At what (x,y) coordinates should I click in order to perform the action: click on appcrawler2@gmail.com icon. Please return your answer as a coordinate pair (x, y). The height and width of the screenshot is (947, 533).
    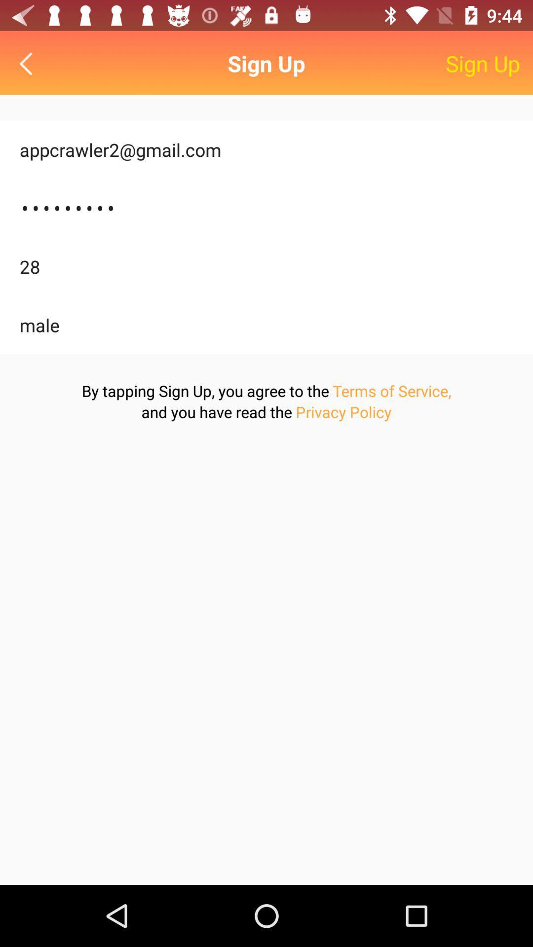
    Looking at the image, I should click on (266, 149).